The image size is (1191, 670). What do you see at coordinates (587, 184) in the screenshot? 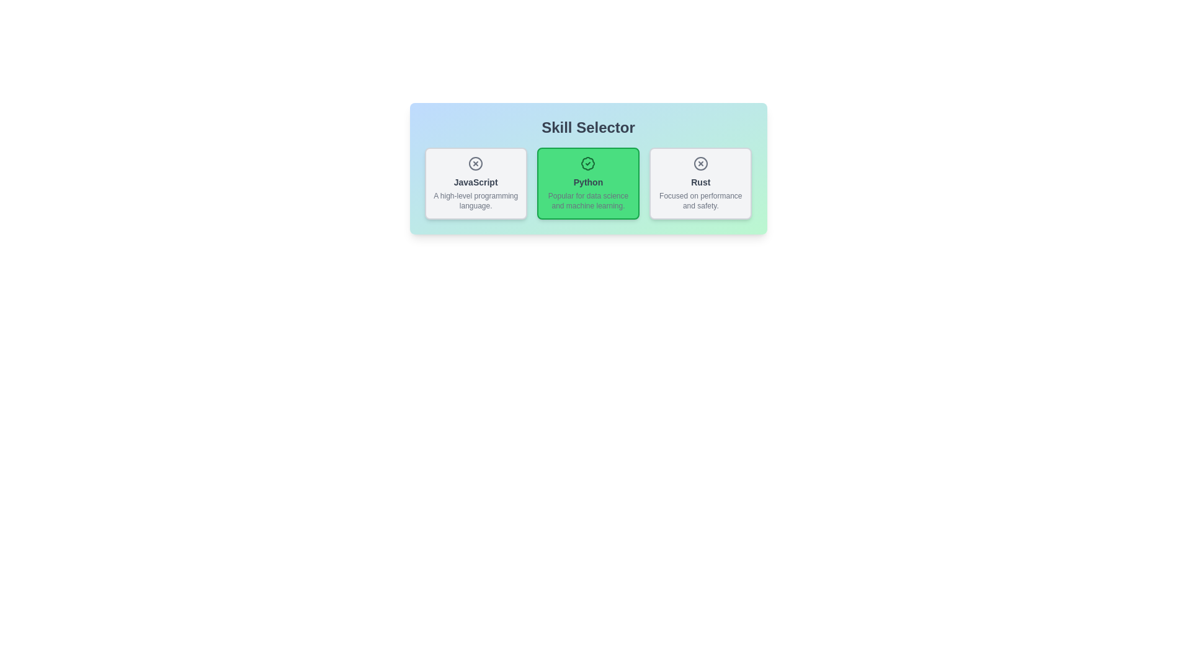
I see `the tag labeled Python to observe its visual feedback` at bounding box center [587, 184].